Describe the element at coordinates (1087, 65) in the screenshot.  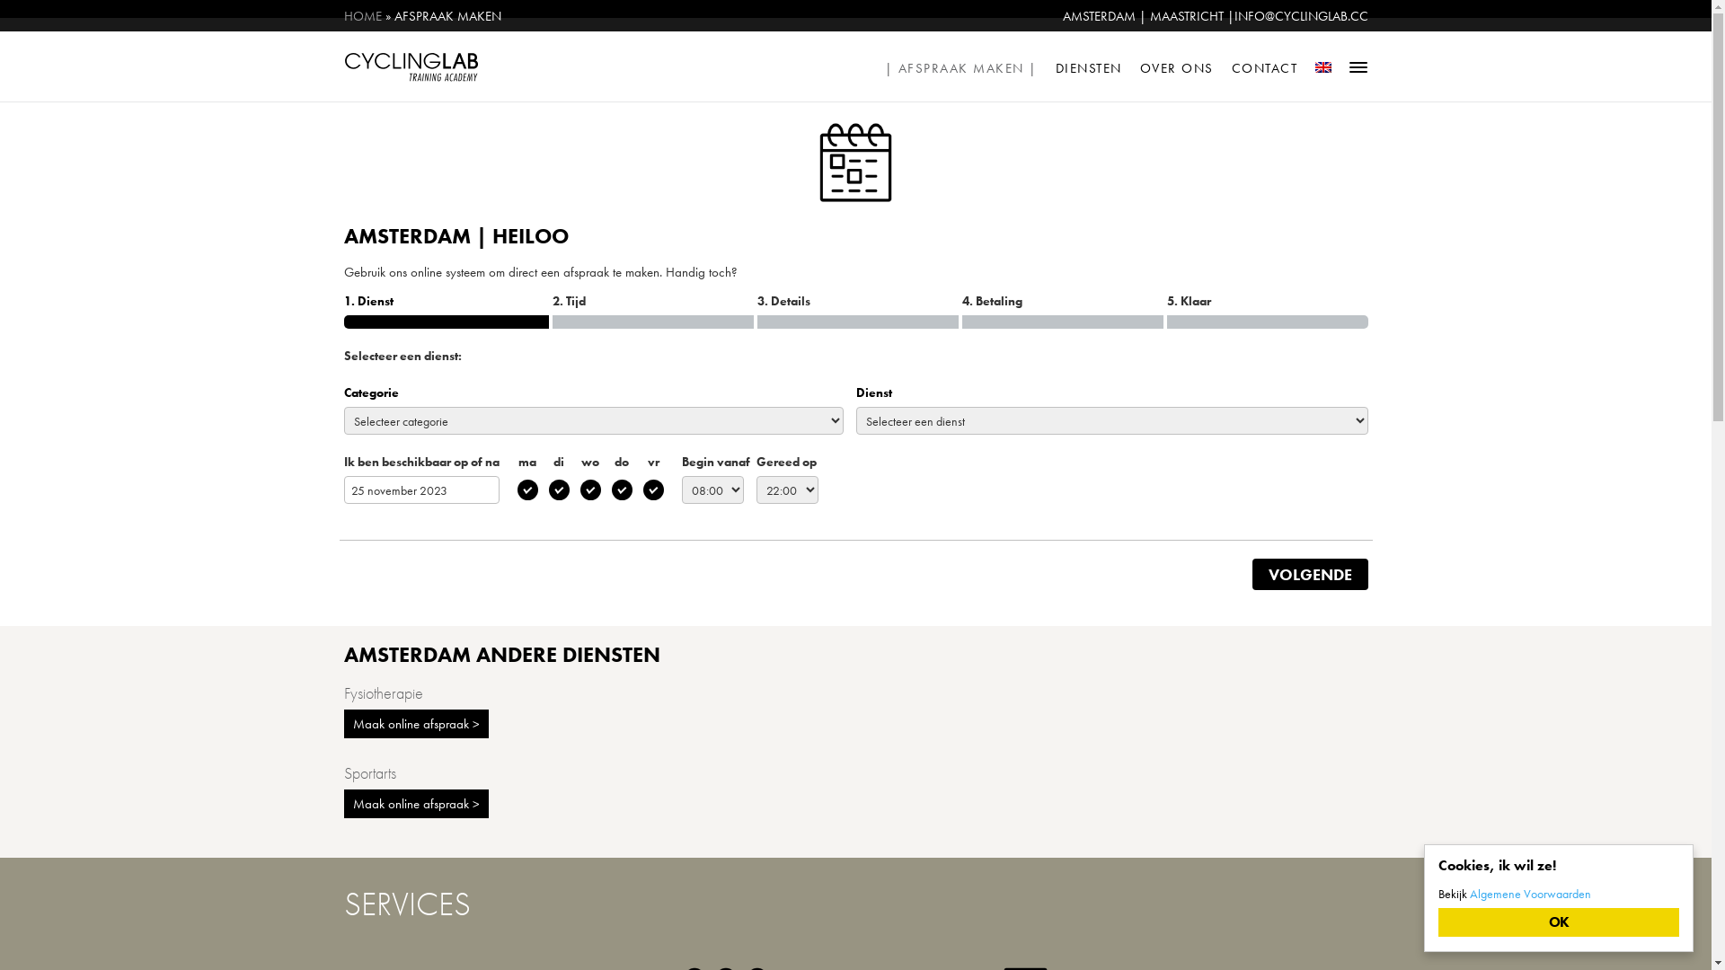
I see `'DIENSTEN'` at that location.